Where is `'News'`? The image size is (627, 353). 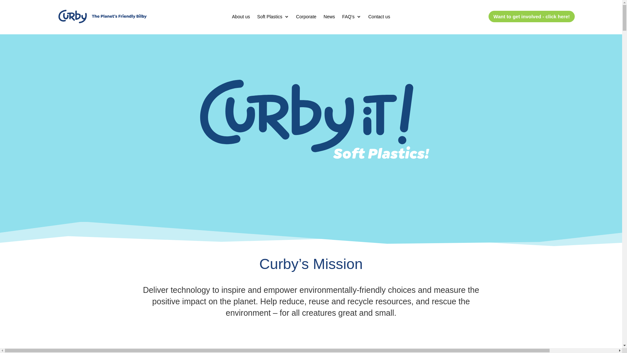 'News' is located at coordinates (329, 17).